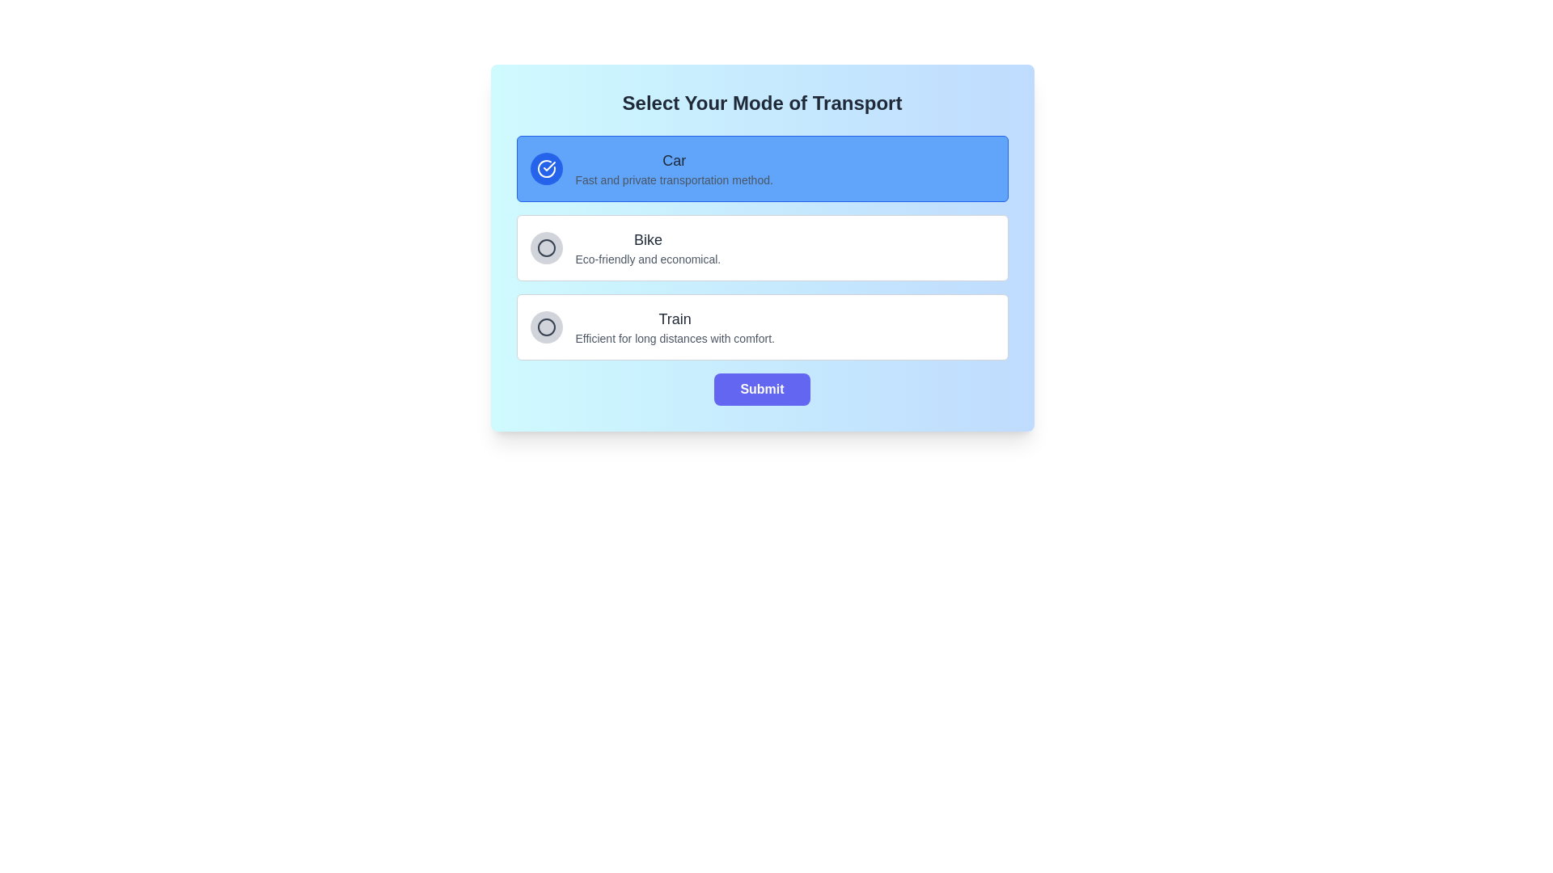 The width and height of the screenshot is (1553, 873). Describe the element at coordinates (675, 327) in the screenshot. I see `the text block displaying 'Train' and its description 'Efficient for long distances with comfort.' which is the third option in the vertical list of transport modes` at that location.